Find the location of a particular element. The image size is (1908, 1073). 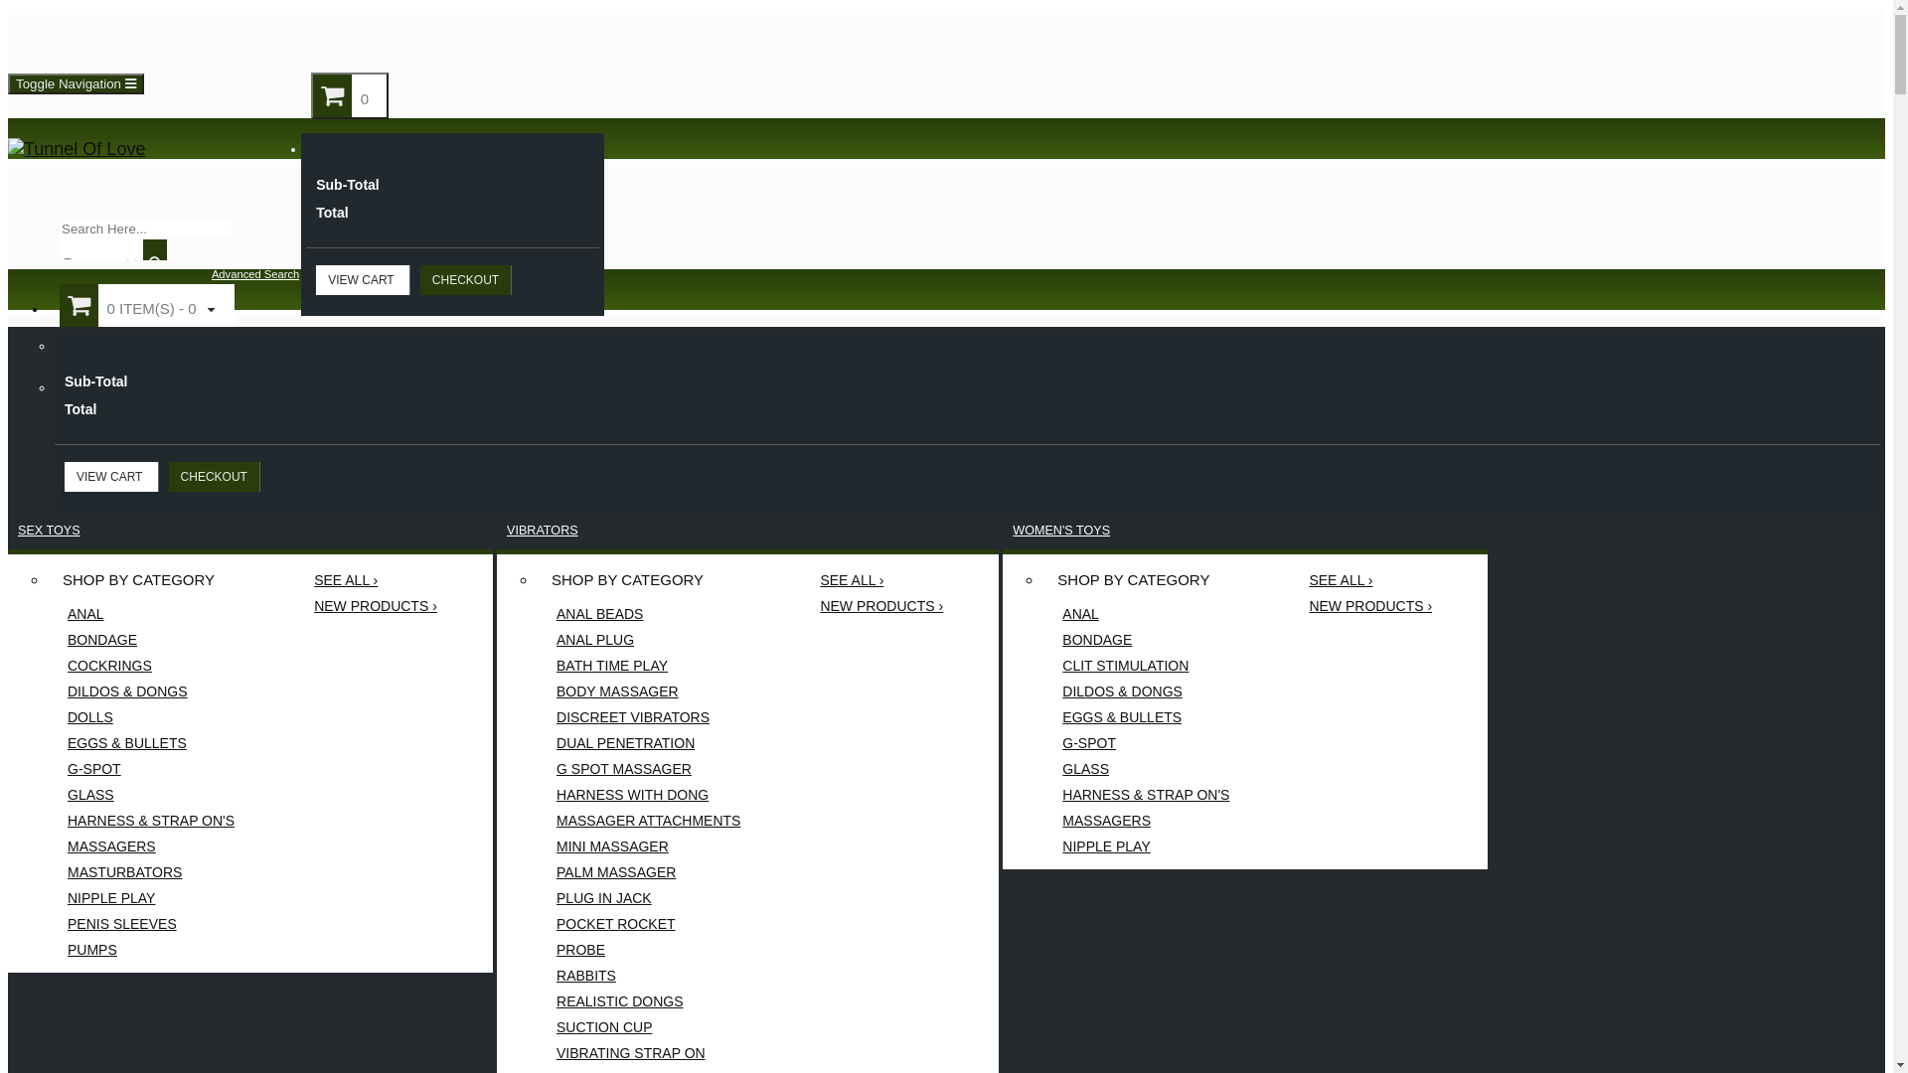

'CLIT STIMULATION' is located at coordinates (1145, 666).